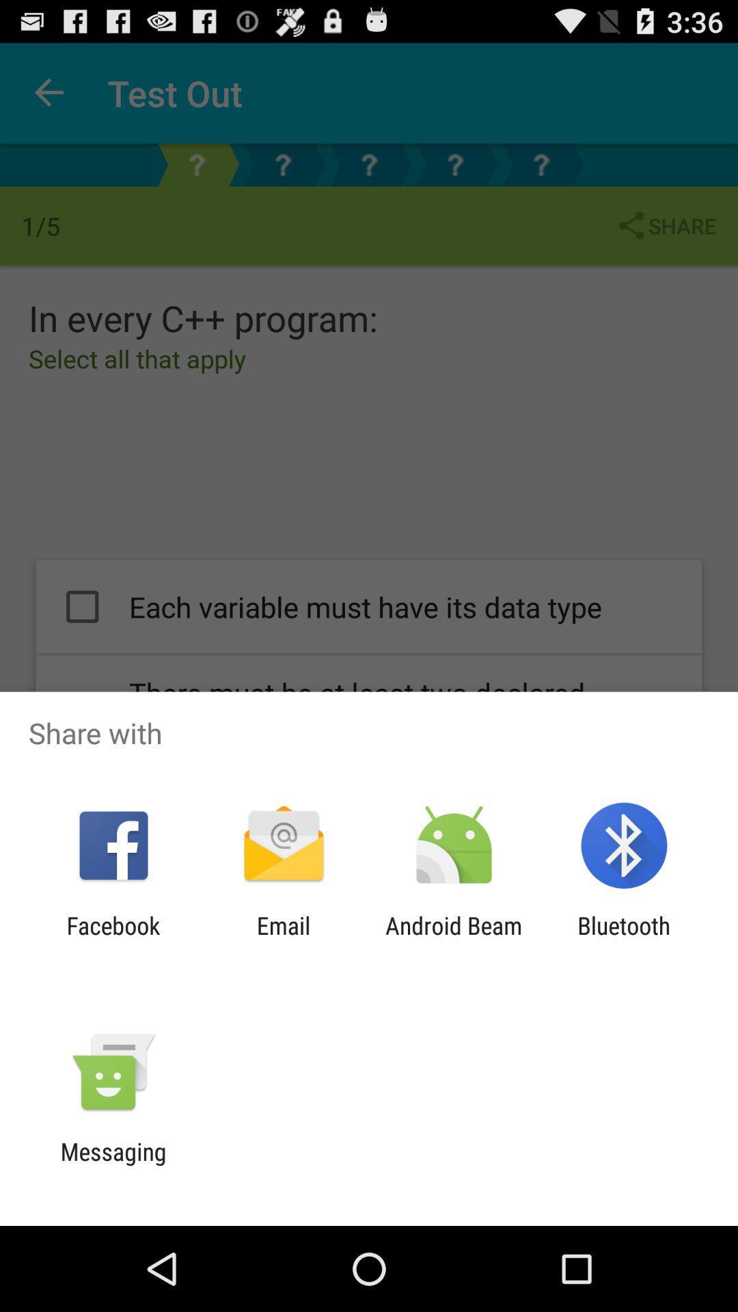 Image resolution: width=738 pixels, height=1312 pixels. What do you see at coordinates (624, 939) in the screenshot?
I see `bluetooth at the bottom right corner` at bounding box center [624, 939].